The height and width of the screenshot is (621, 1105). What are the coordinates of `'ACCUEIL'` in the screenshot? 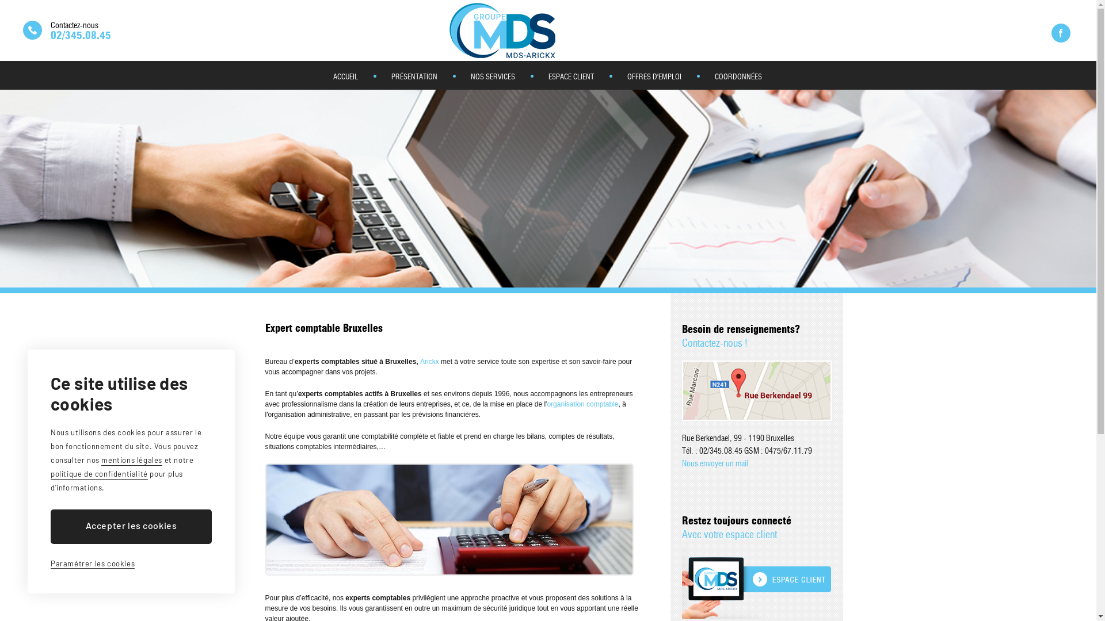 It's located at (344, 75).